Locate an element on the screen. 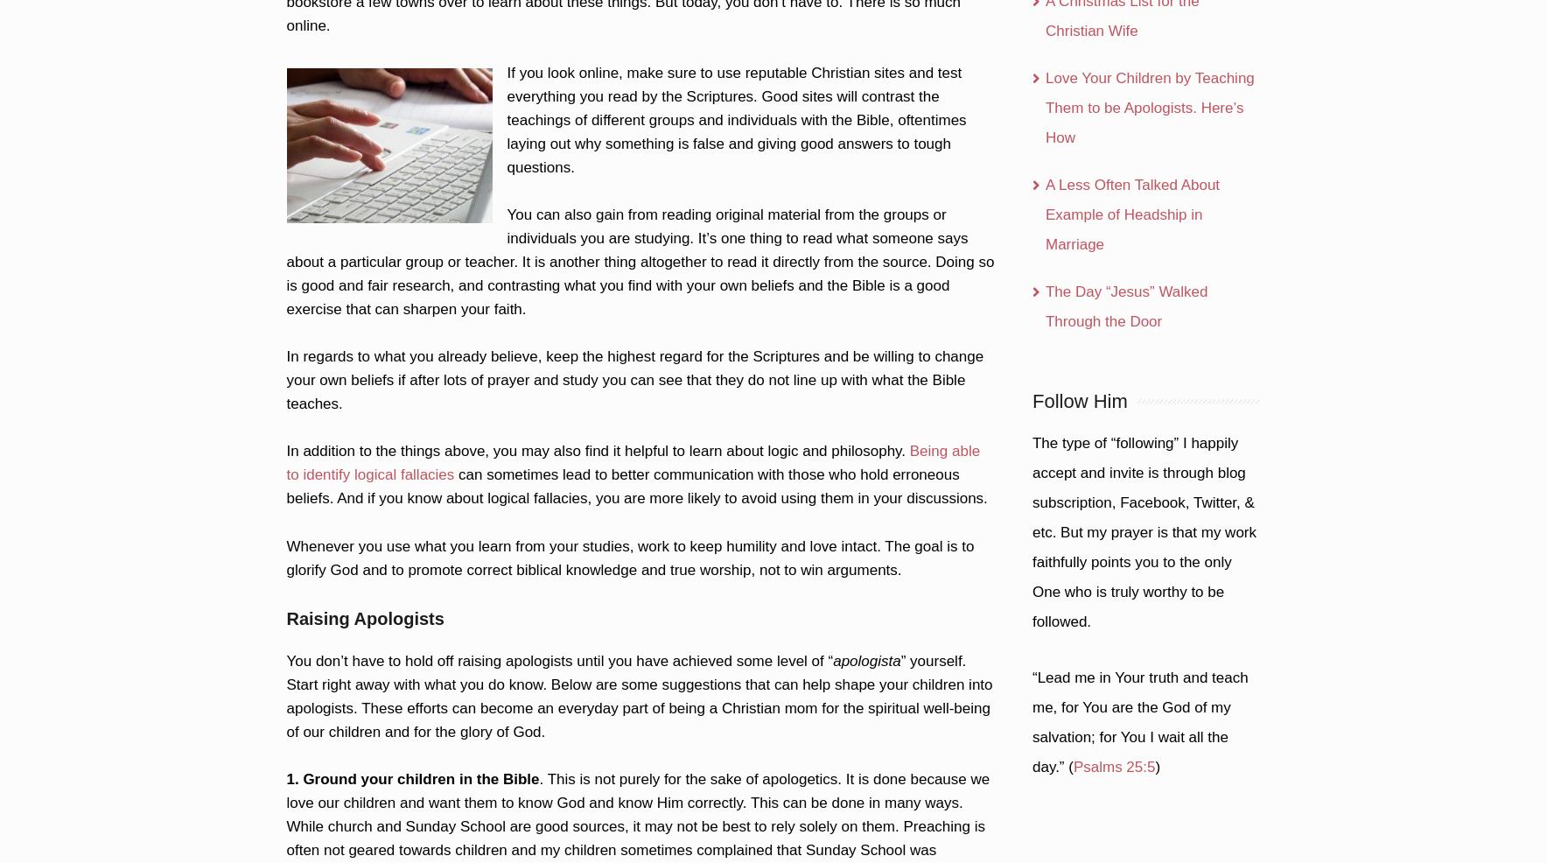  'In regards to what you already believe, keep the highest regard for the Scriptures and be willing to change your own beliefs if after lots of prayer and study you can see that they do not line up with what the Bible teaches.' is located at coordinates (634, 380).